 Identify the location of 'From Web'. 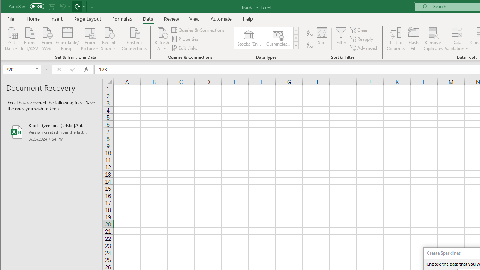
(46, 38).